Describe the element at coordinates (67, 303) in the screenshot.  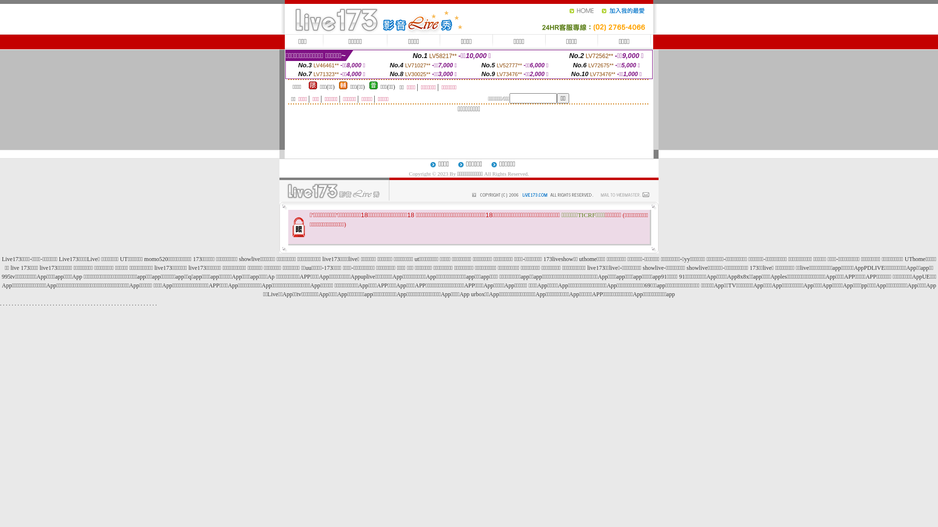
I see `'.'` at that location.